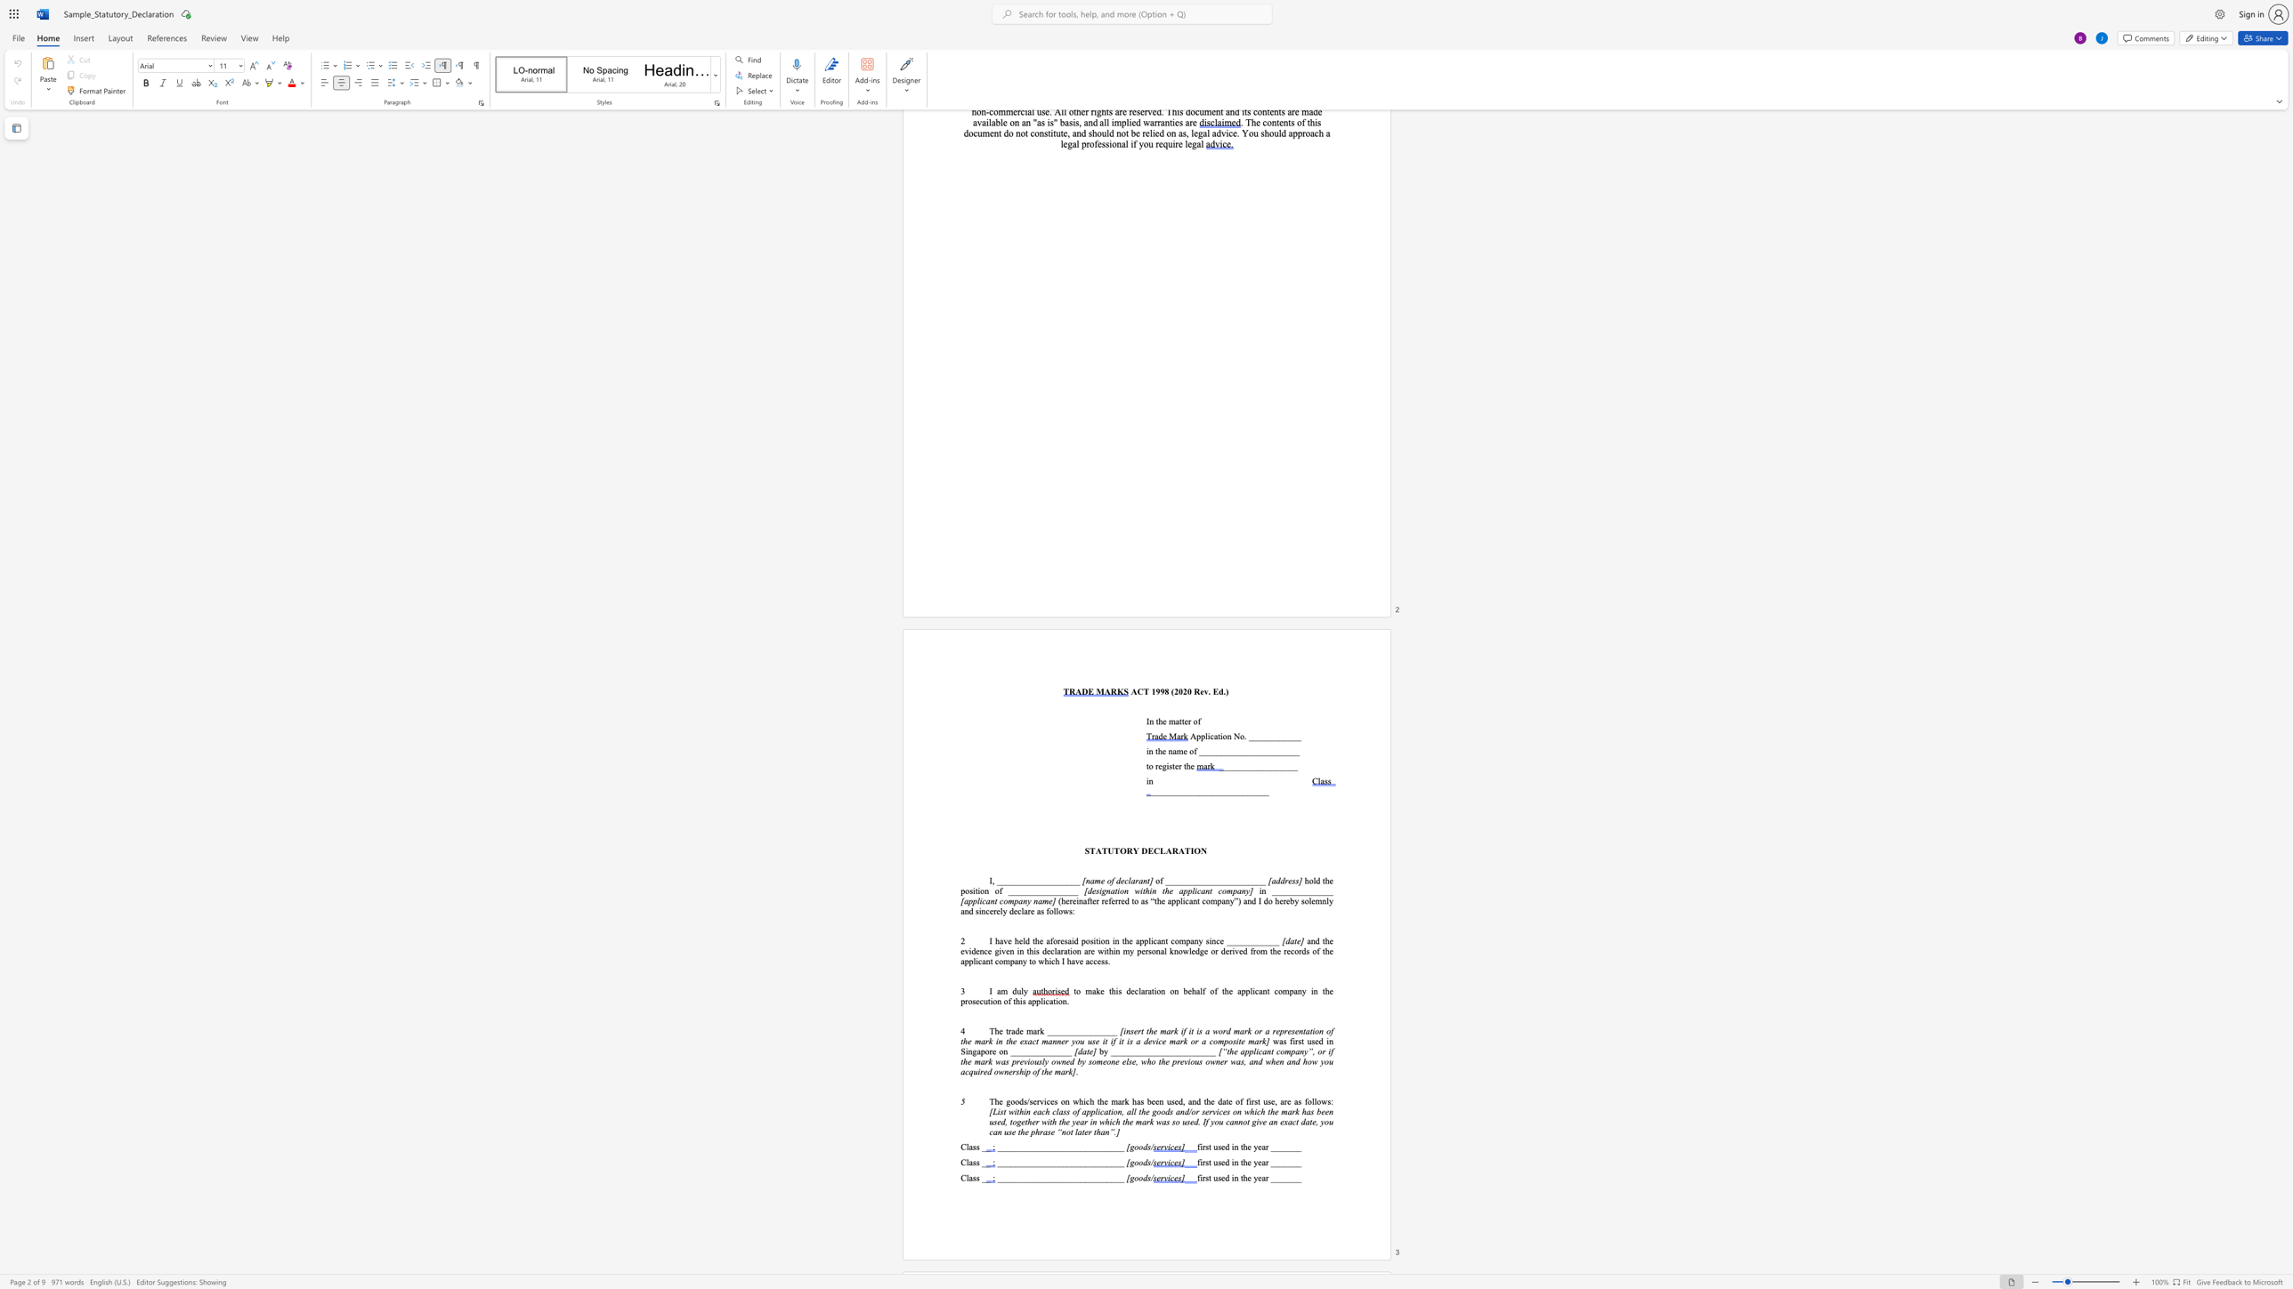  What do you see at coordinates (1267, 764) in the screenshot?
I see `the subset text "__" within the text "_________________"` at bounding box center [1267, 764].